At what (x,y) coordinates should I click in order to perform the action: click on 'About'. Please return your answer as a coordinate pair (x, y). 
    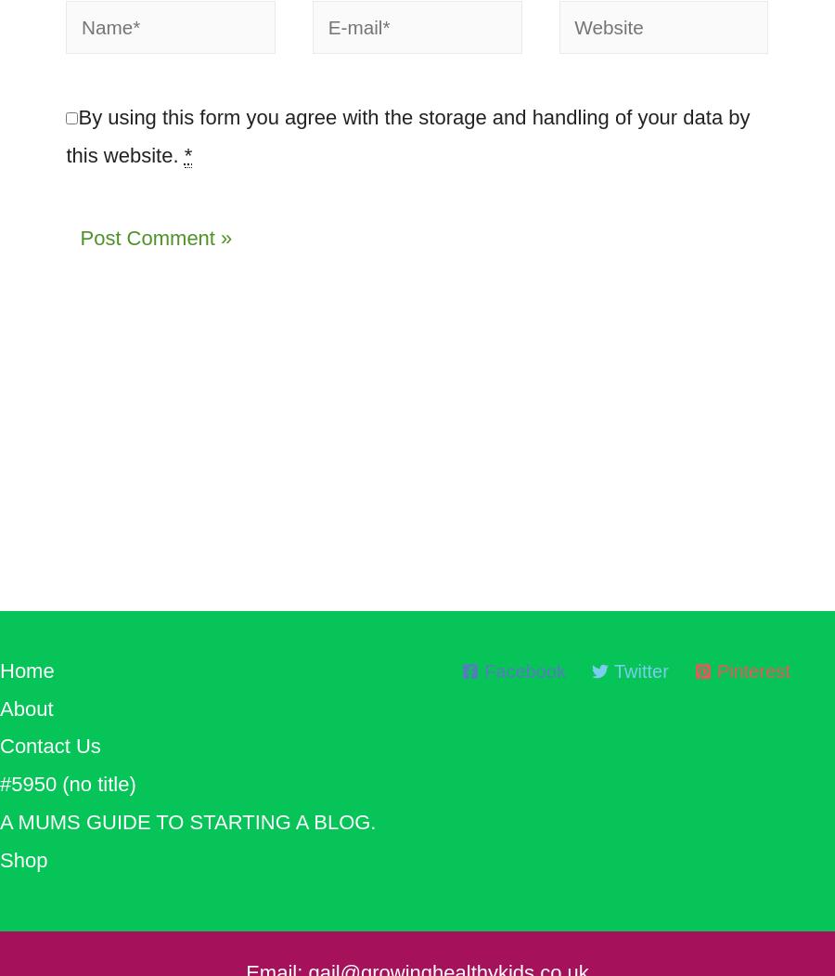
    Looking at the image, I should click on (0, 716).